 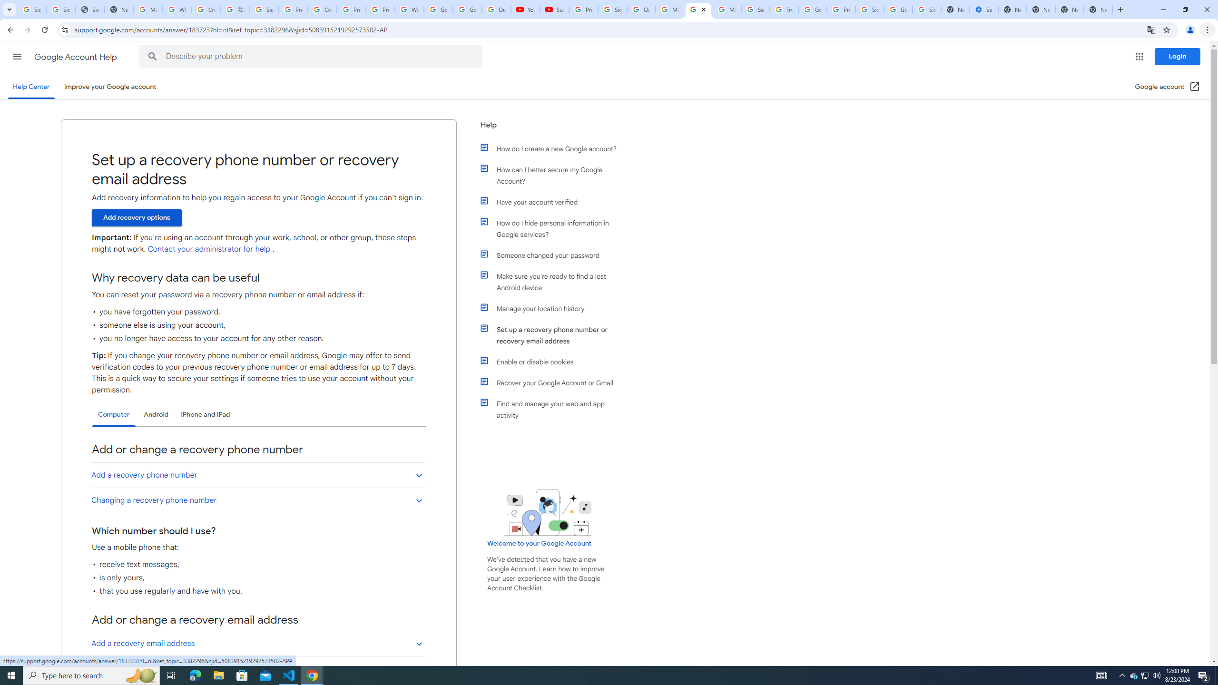 I want to click on 'Enable or disable cookies', so click(x=553, y=362).